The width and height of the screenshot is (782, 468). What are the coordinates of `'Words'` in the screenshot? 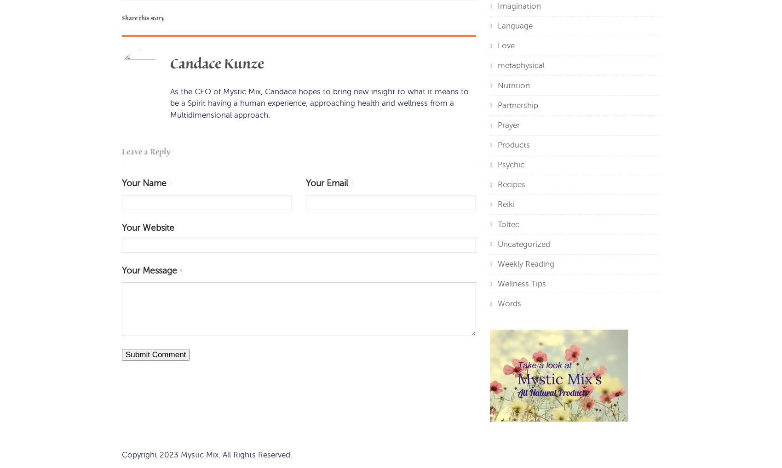 It's located at (509, 303).